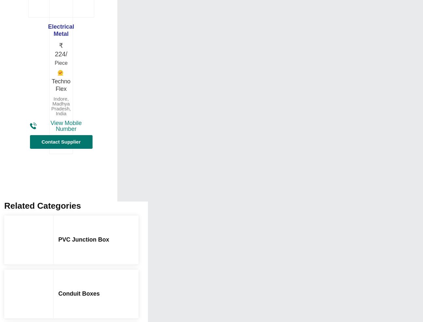 This screenshot has width=423, height=322. Describe the element at coordinates (66, 126) in the screenshot. I see `'View Mobile Number'` at that location.